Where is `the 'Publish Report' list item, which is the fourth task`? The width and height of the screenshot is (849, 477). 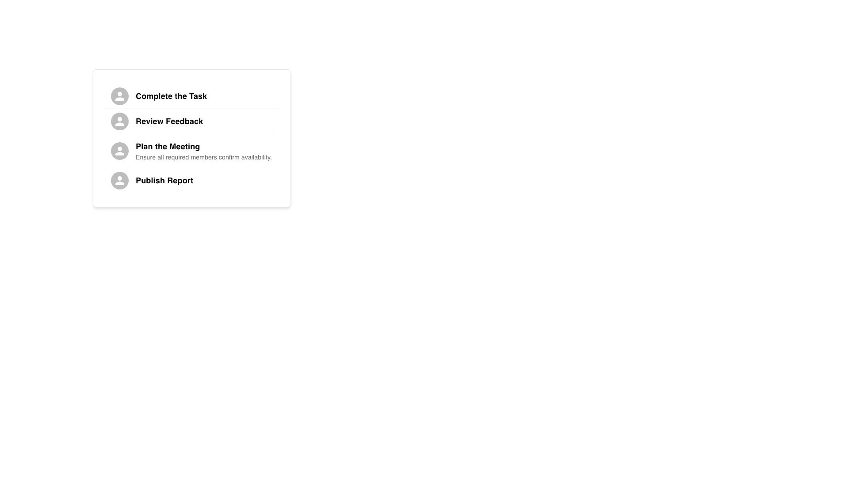 the 'Publish Report' list item, which is the fourth task is located at coordinates (191, 180).